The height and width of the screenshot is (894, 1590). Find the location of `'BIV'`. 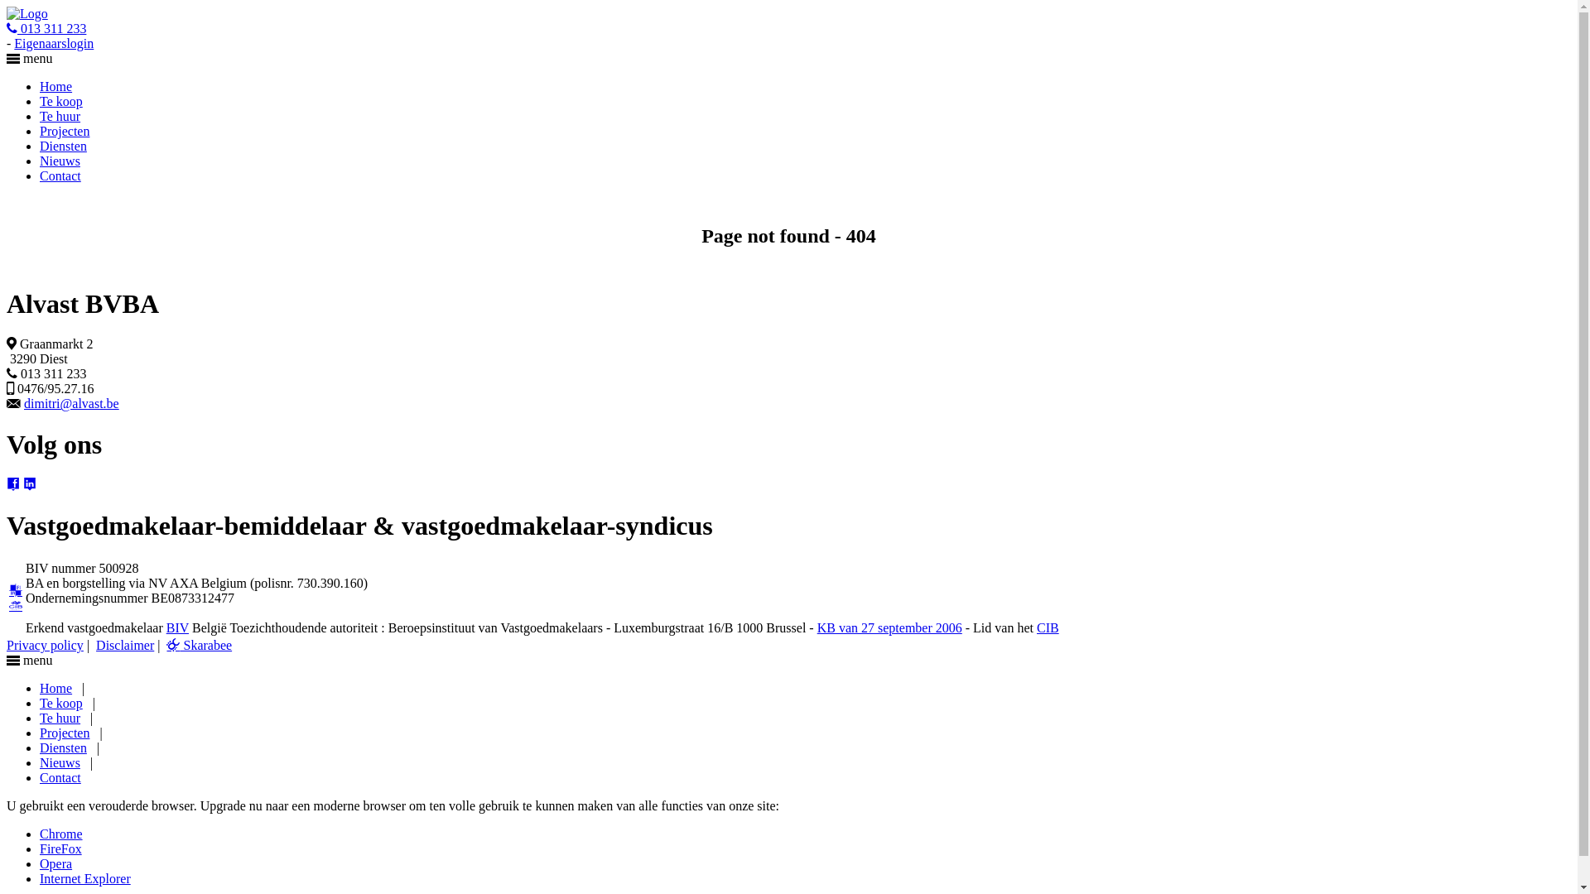

'BIV' is located at coordinates (177, 627).